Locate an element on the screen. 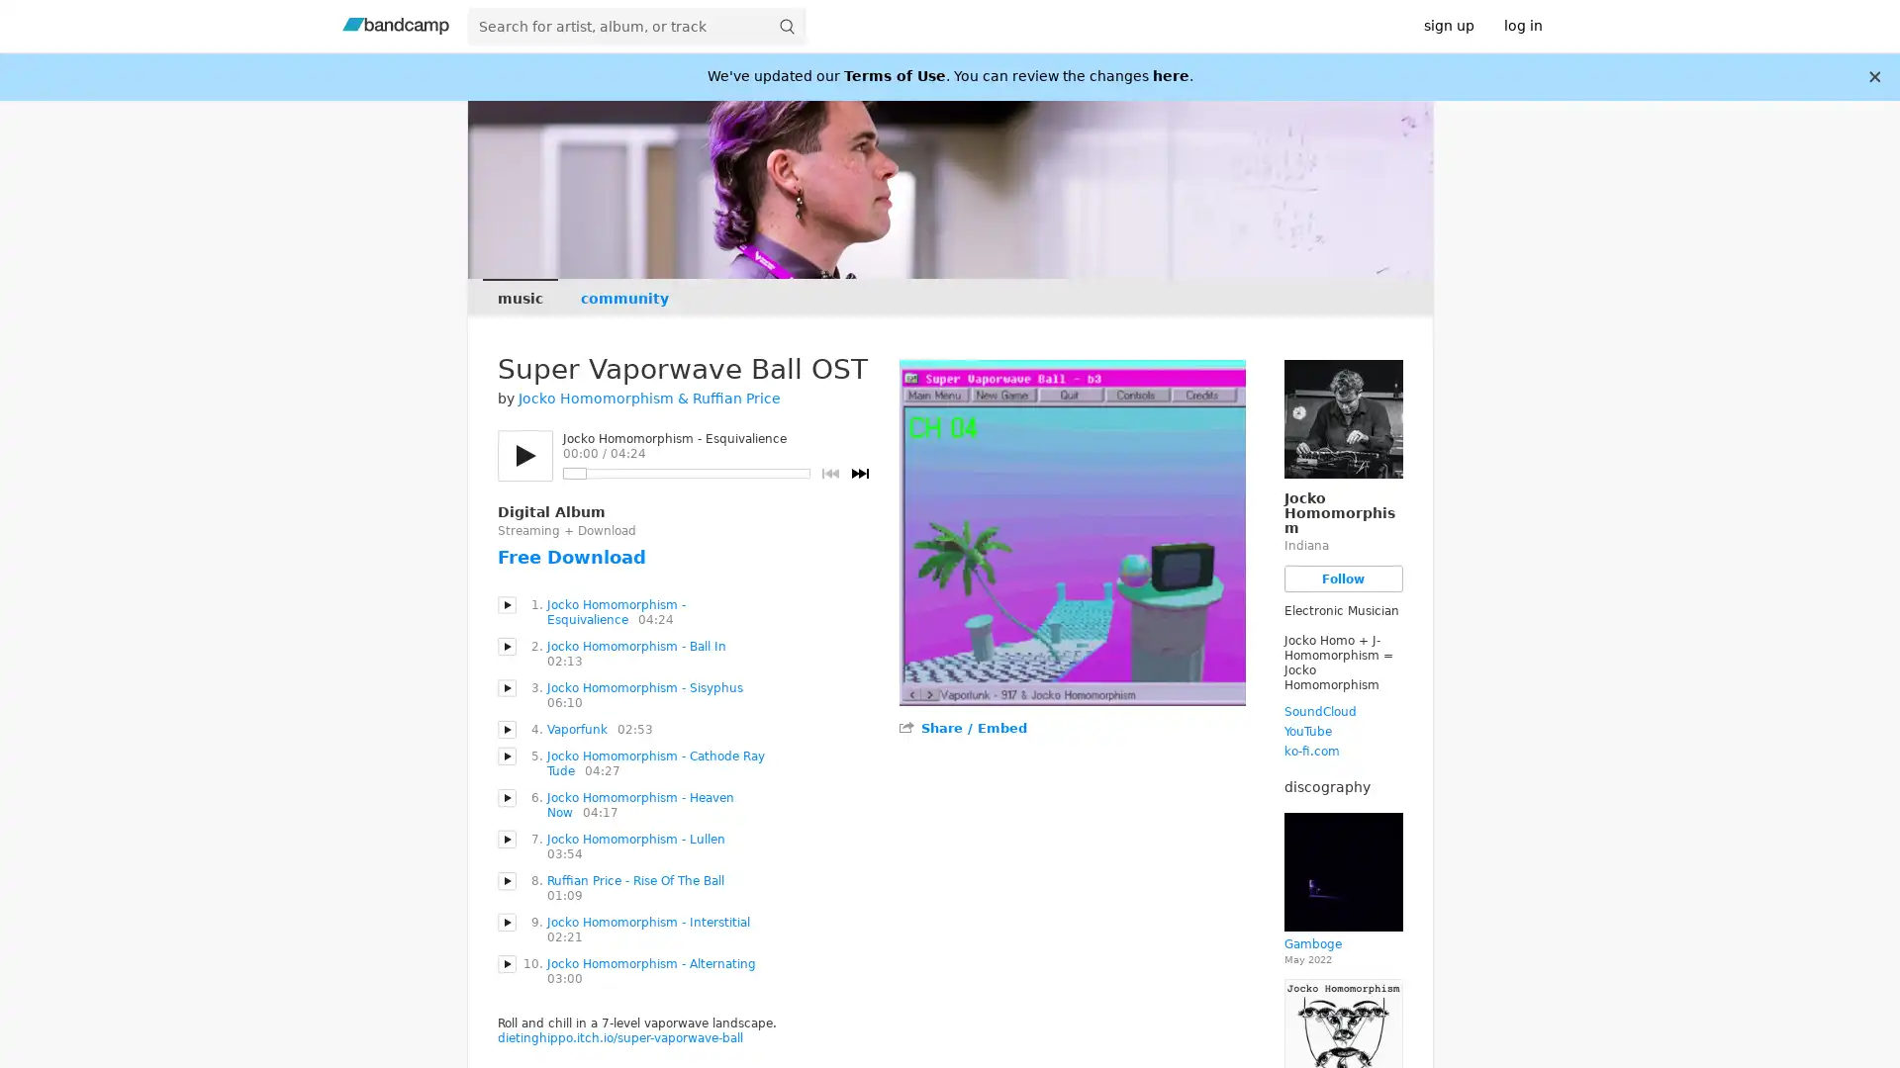 This screenshot has width=1900, height=1068. Play Jocko Homomorphism - Esquivalience is located at coordinates (506, 604).